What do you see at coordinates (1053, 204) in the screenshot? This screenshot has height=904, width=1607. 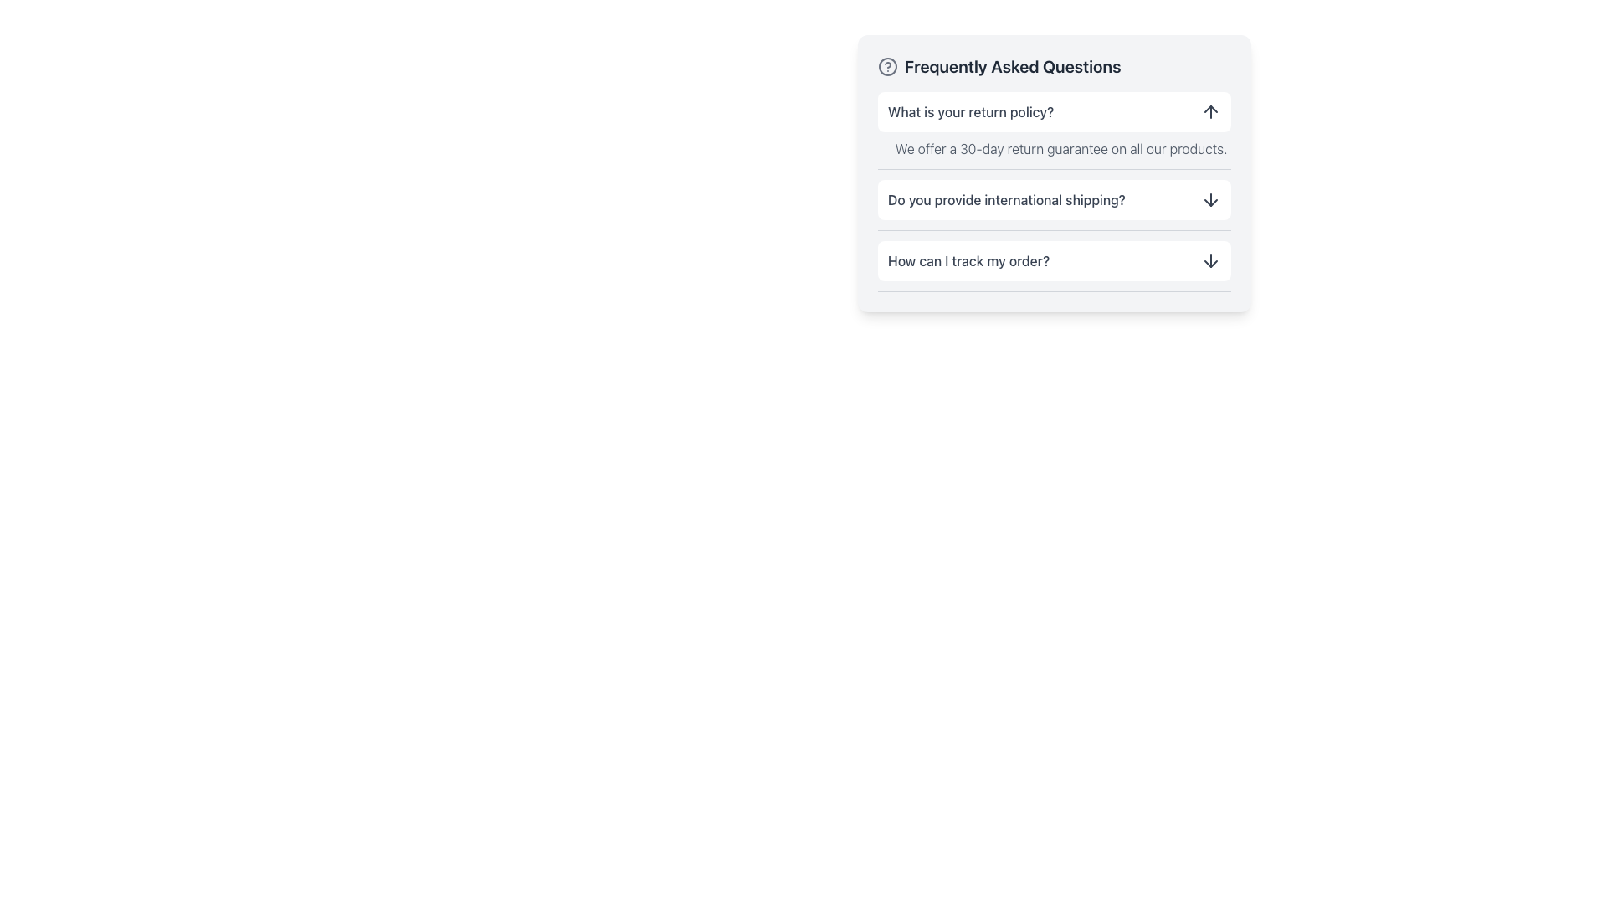 I see `the second question in the FAQ list, which is an interactive text with an expandable toggle indicator, to potentially trigger a visual highlight or tooltip` at bounding box center [1053, 204].